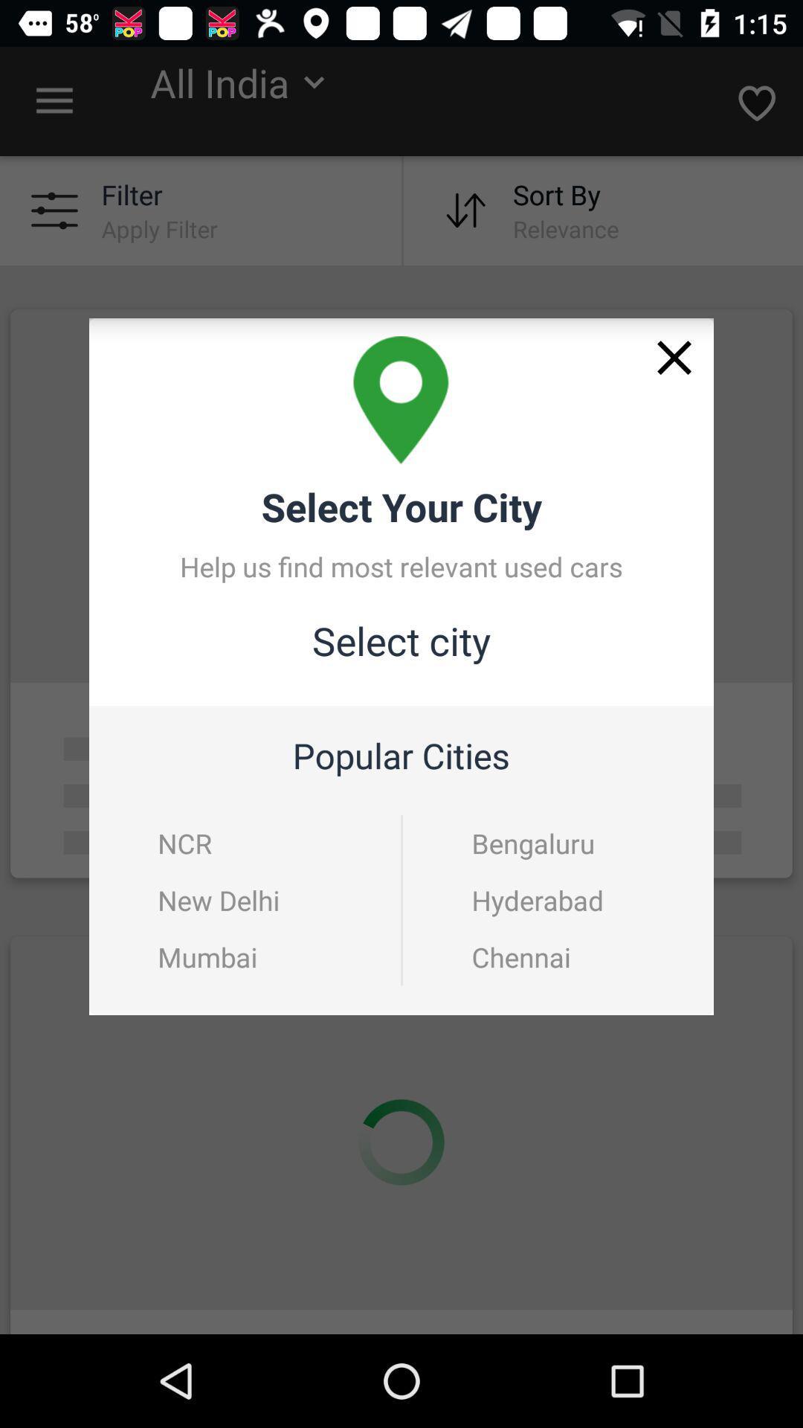 The image size is (803, 1428). Describe the element at coordinates (184, 843) in the screenshot. I see `the item above new delhi icon` at that location.